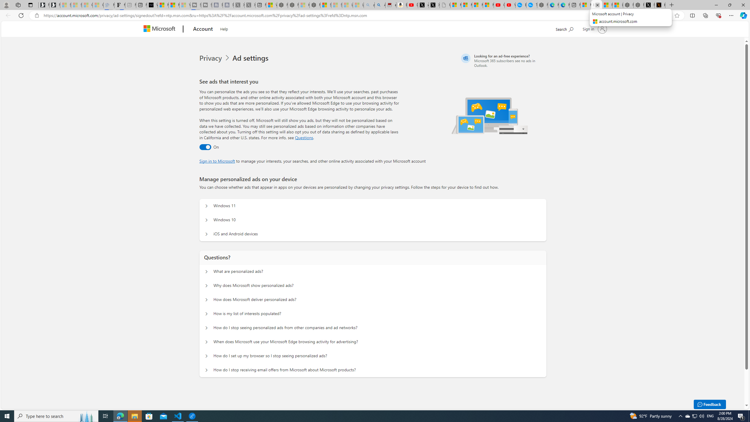 This screenshot has height=422, width=750. I want to click on 'Questions? Why does Microsoft show personalized ads?', so click(207, 285).